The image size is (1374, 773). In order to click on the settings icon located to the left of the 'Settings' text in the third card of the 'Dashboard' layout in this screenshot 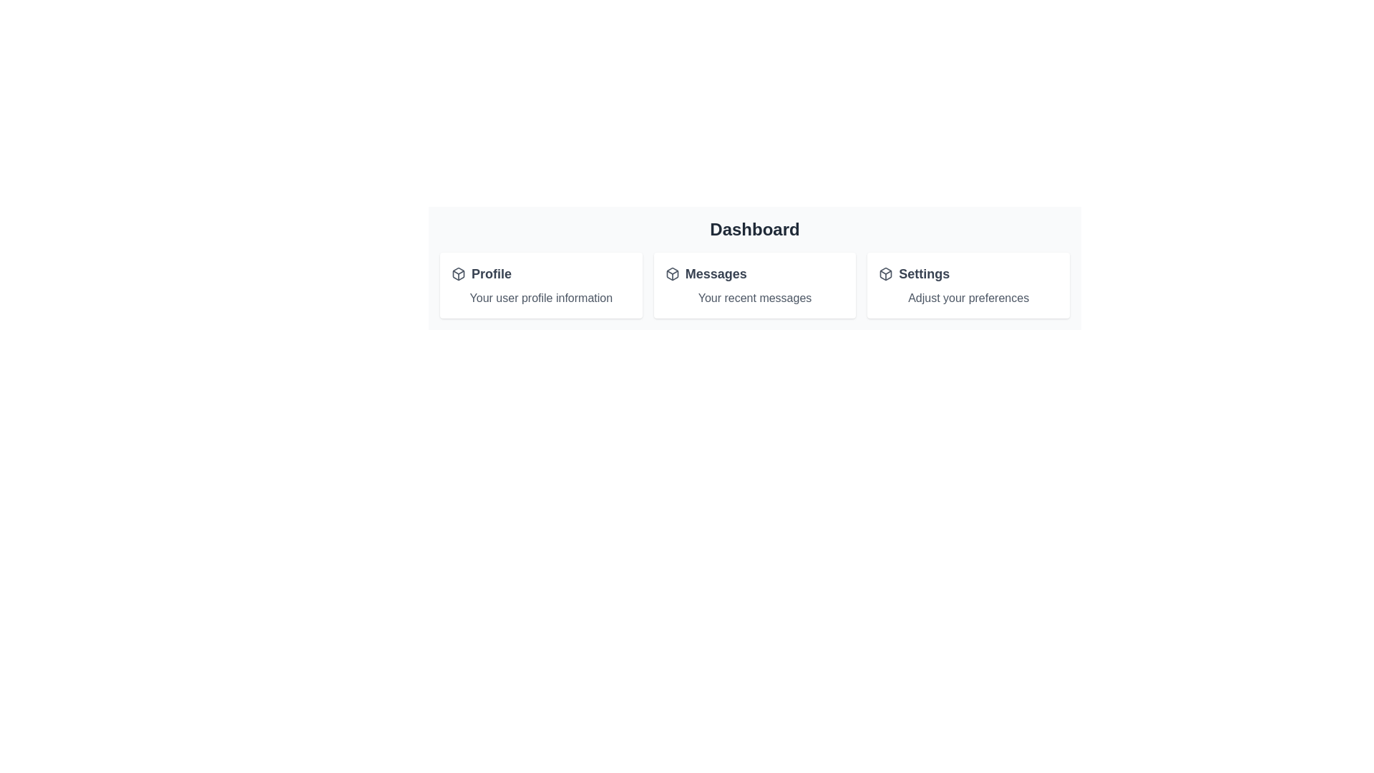, I will do `click(885, 273)`.